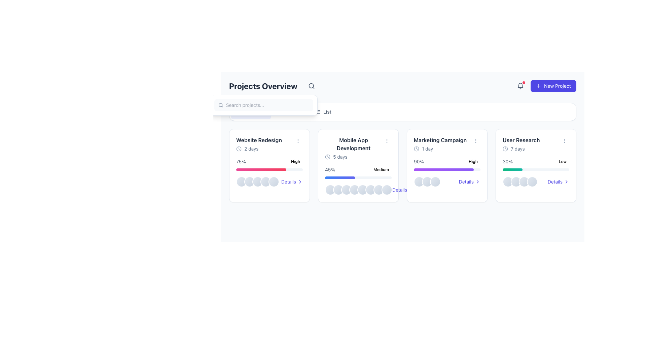 The image size is (646, 363). I want to click on the Decorative circular icon with a gradient background, which is the seventh icon in a horizontal row of eight icons inside the 'Mobile App Development' card, so click(379, 190).